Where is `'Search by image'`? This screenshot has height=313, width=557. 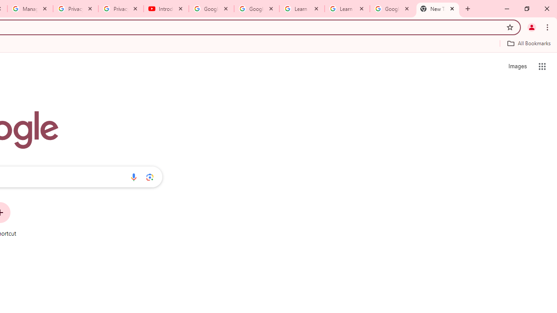
'Search by image' is located at coordinates (150, 176).